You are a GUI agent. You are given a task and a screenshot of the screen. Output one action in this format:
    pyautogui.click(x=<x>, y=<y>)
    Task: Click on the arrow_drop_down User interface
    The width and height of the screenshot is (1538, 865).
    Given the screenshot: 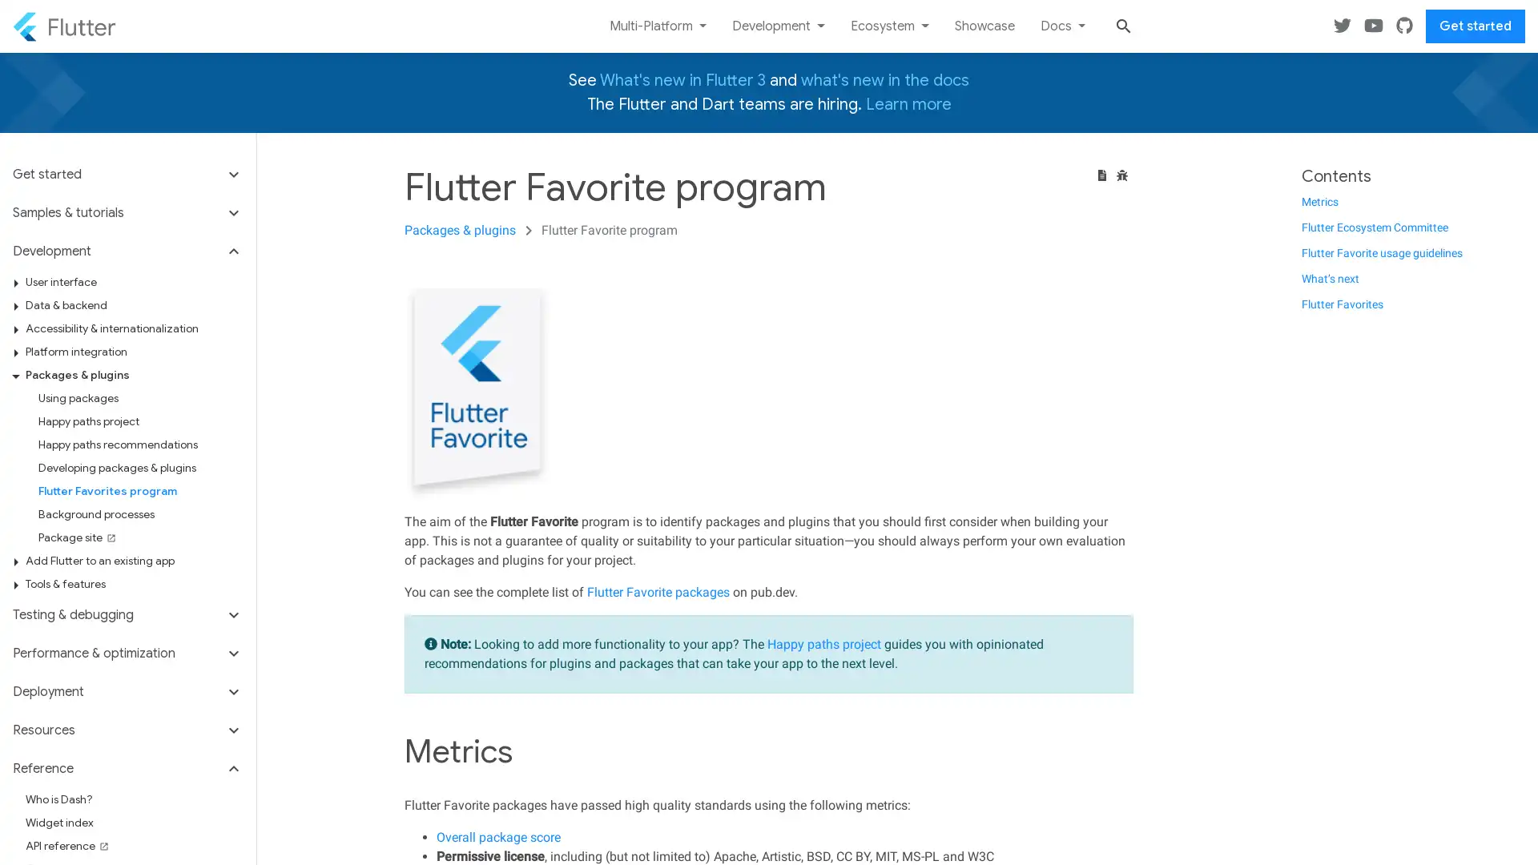 What is the action you would take?
    pyautogui.click(x=134, y=281)
    